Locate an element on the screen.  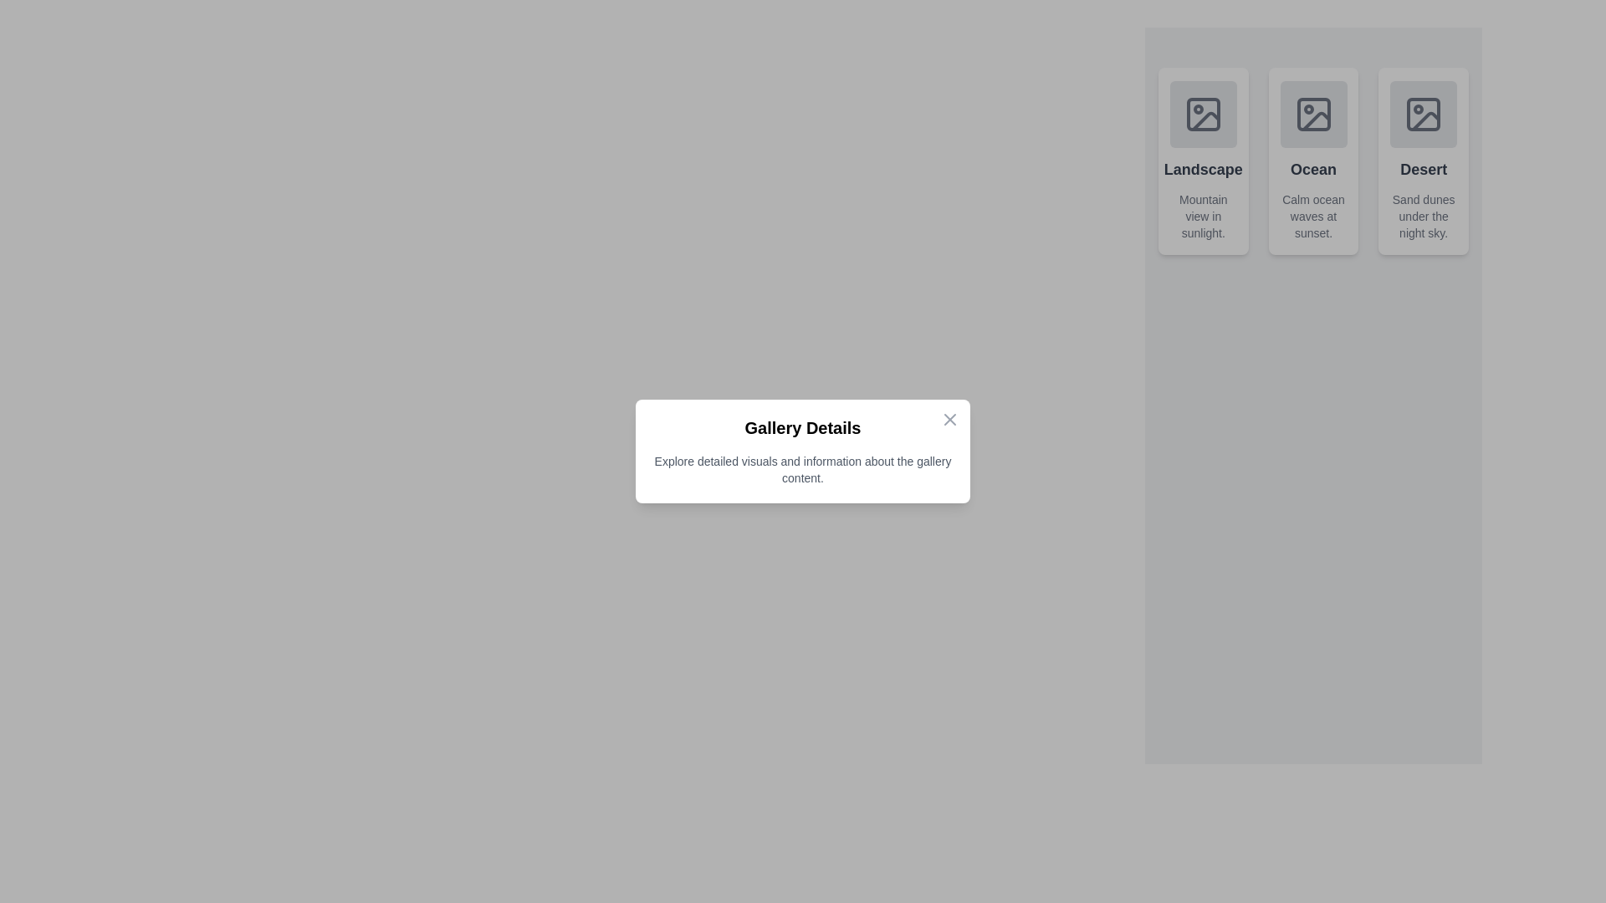
the small square with rounded corners, part of the image icon representing a stylized mountain within the 'Landscape' card located at the top region of the first card is located at coordinates (1202, 114).